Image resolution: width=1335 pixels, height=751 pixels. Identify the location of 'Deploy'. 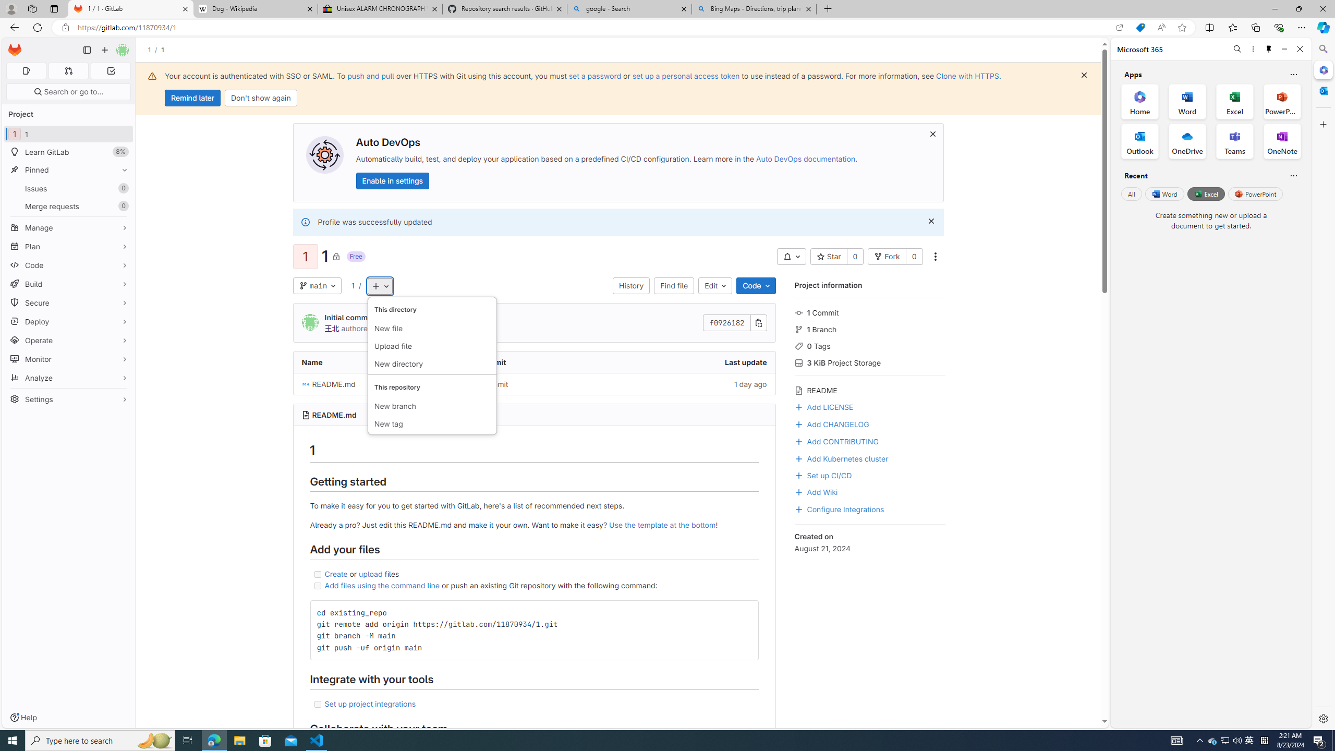
(68, 321).